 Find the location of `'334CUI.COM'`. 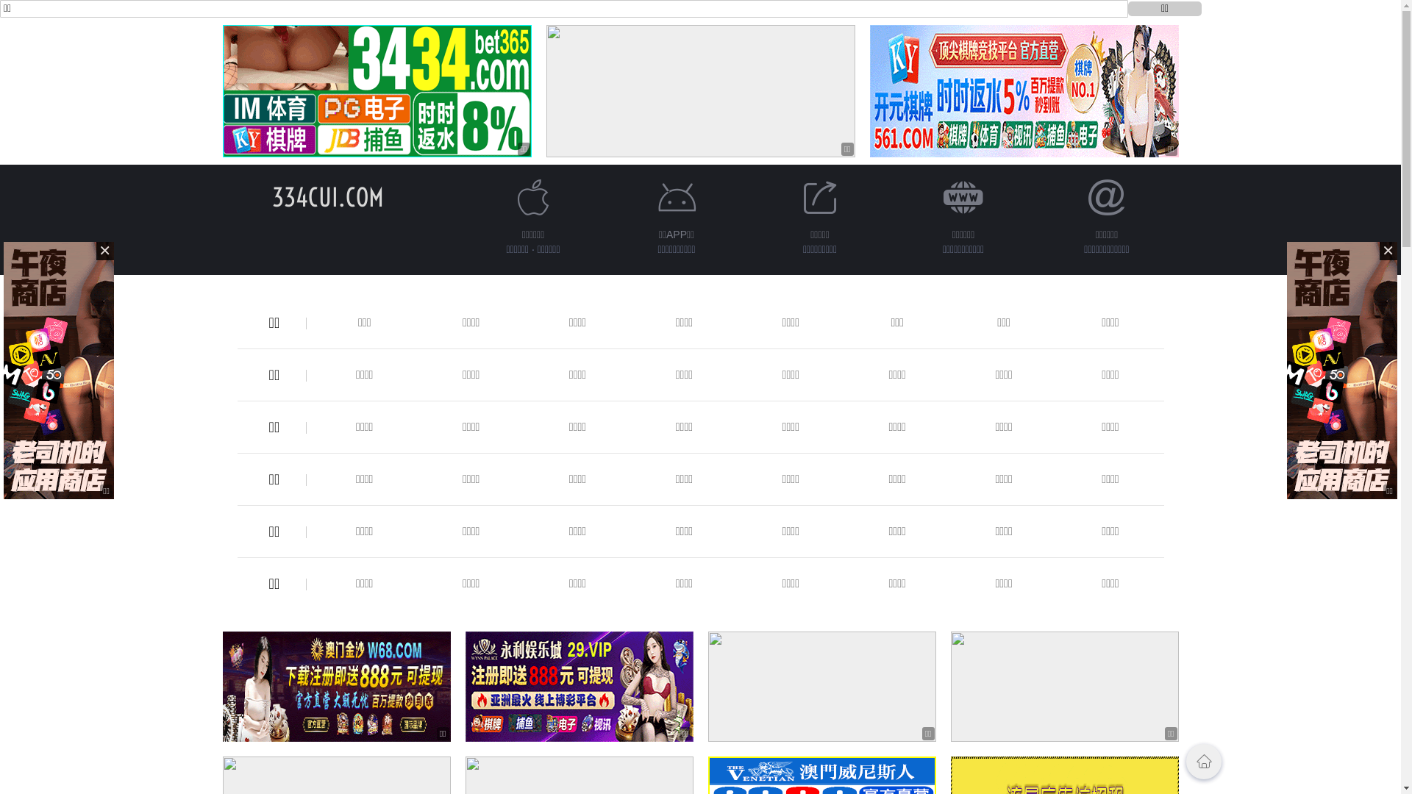

'334CUI.COM' is located at coordinates (327, 196).